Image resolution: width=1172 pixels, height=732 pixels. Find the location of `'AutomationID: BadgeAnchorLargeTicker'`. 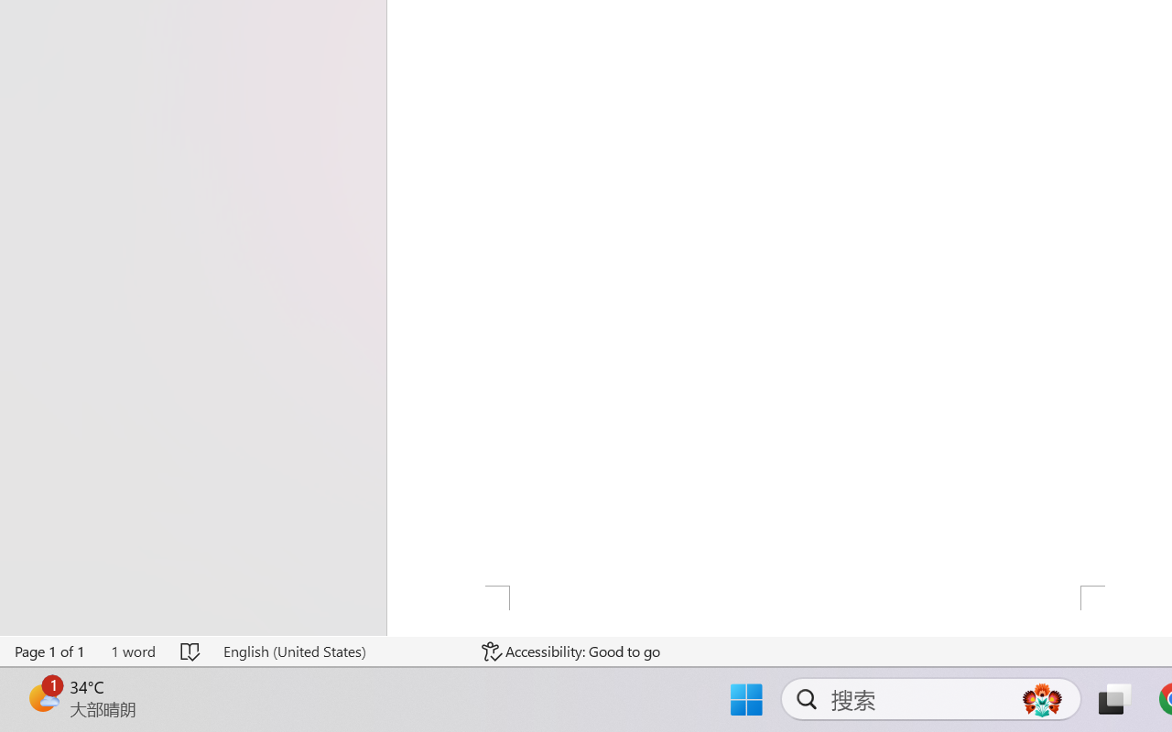

'AutomationID: BadgeAnchorLargeTicker' is located at coordinates (42, 697).